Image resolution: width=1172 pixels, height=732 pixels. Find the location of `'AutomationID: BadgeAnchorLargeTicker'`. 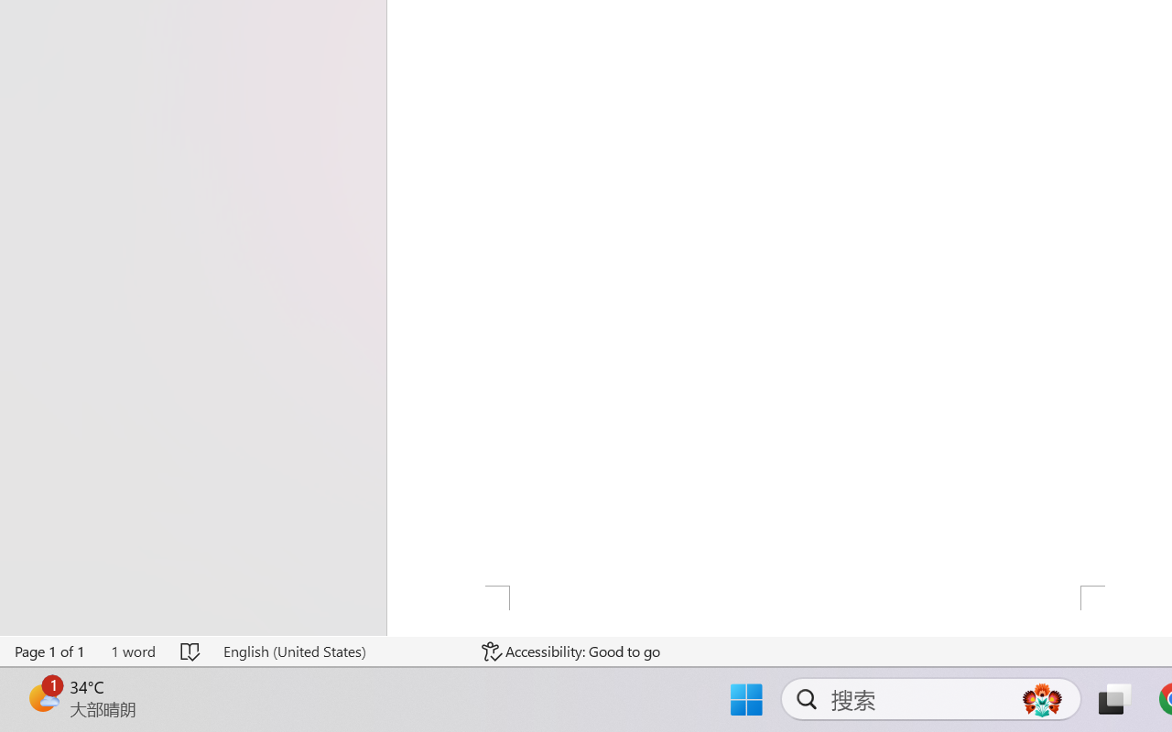

'AutomationID: BadgeAnchorLargeTicker' is located at coordinates (42, 697).